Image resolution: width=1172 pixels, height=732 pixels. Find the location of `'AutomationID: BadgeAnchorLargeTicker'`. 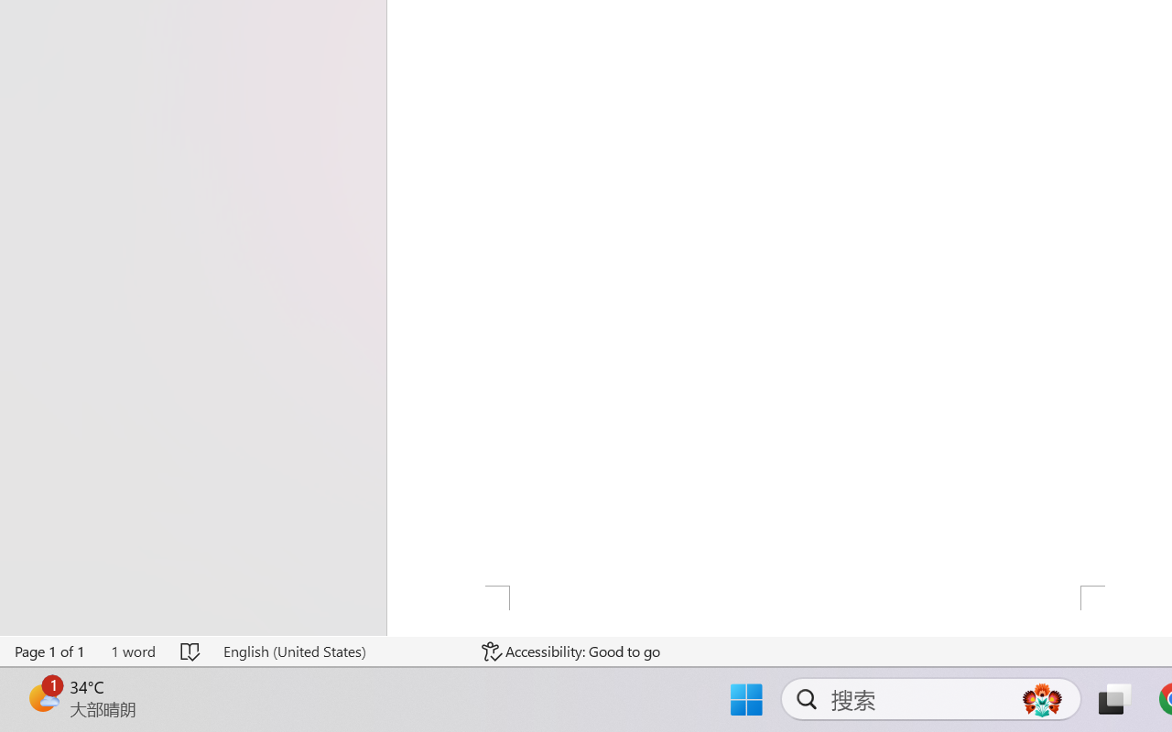

'AutomationID: BadgeAnchorLargeTicker' is located at coordinates (42, 697).